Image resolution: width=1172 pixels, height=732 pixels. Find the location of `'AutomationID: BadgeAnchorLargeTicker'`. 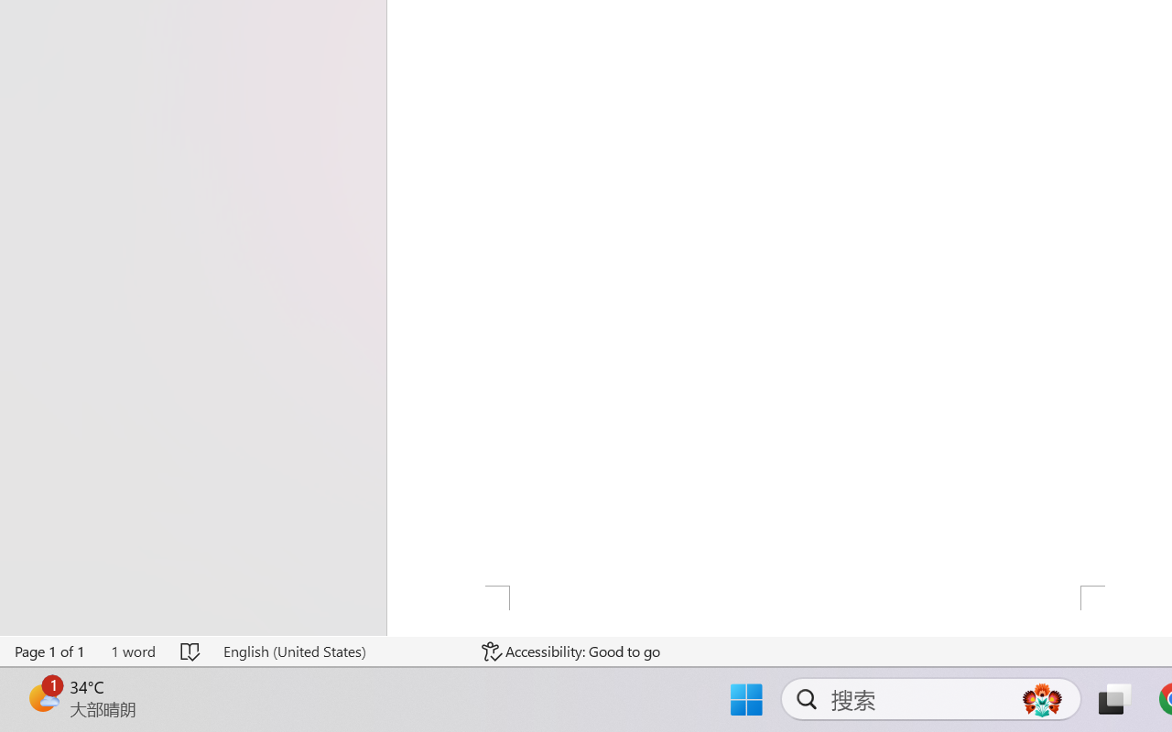

'AutomationID: BadgeAnchorLargeTicker' is located at coordinates (42, 697).